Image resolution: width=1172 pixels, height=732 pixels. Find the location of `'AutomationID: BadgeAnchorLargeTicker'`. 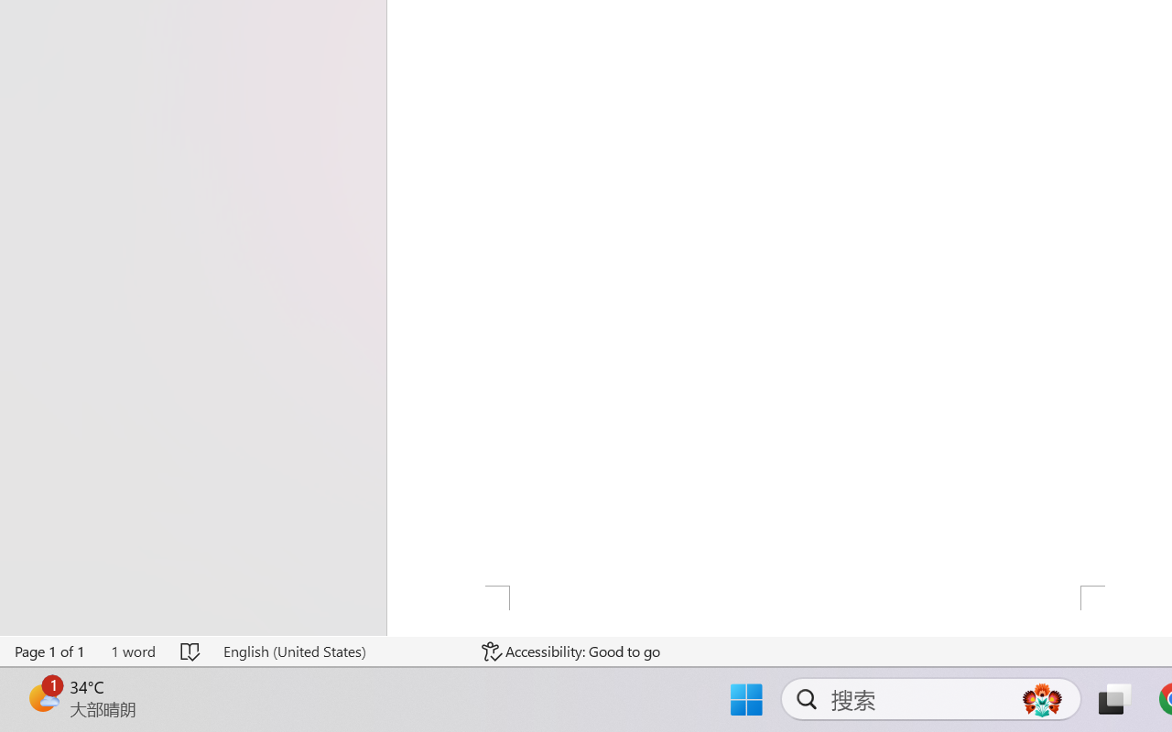

'AutomationID: BadgeAnchorLargeTicker' is located at coordinates (42, 697).